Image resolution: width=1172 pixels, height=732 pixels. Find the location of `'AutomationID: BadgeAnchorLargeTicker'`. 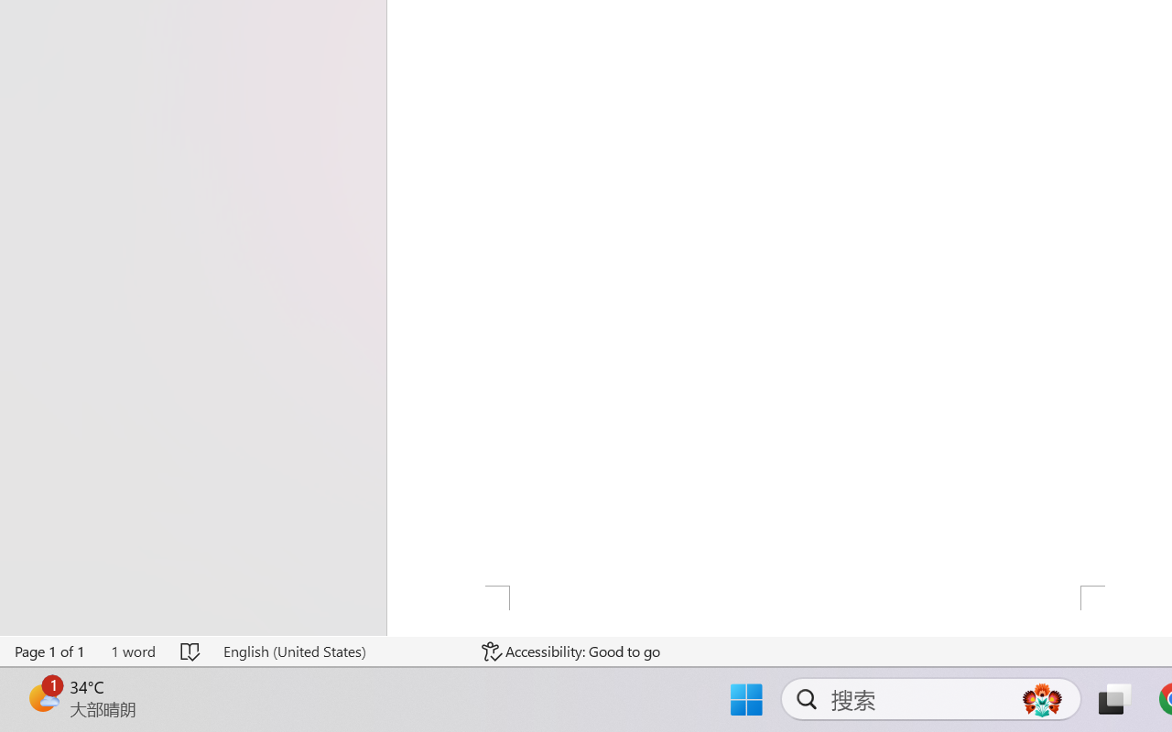

'AutomationID: BadgeAnchorLargeTicker' is located at coordinates (42, 697).